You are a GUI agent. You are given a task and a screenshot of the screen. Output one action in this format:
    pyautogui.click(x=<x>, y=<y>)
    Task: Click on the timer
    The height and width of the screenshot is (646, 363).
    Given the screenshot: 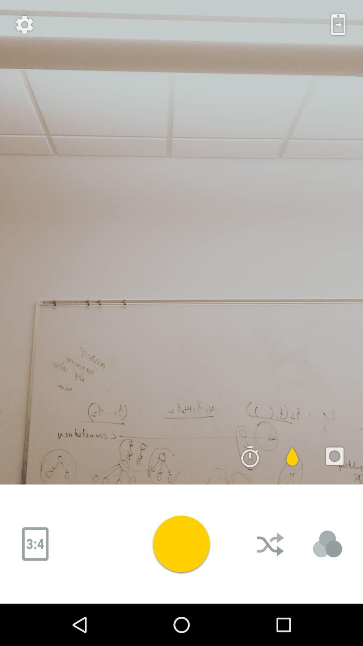 What is the action you would take?
    pyautogui.click(x=250, y=456)
    